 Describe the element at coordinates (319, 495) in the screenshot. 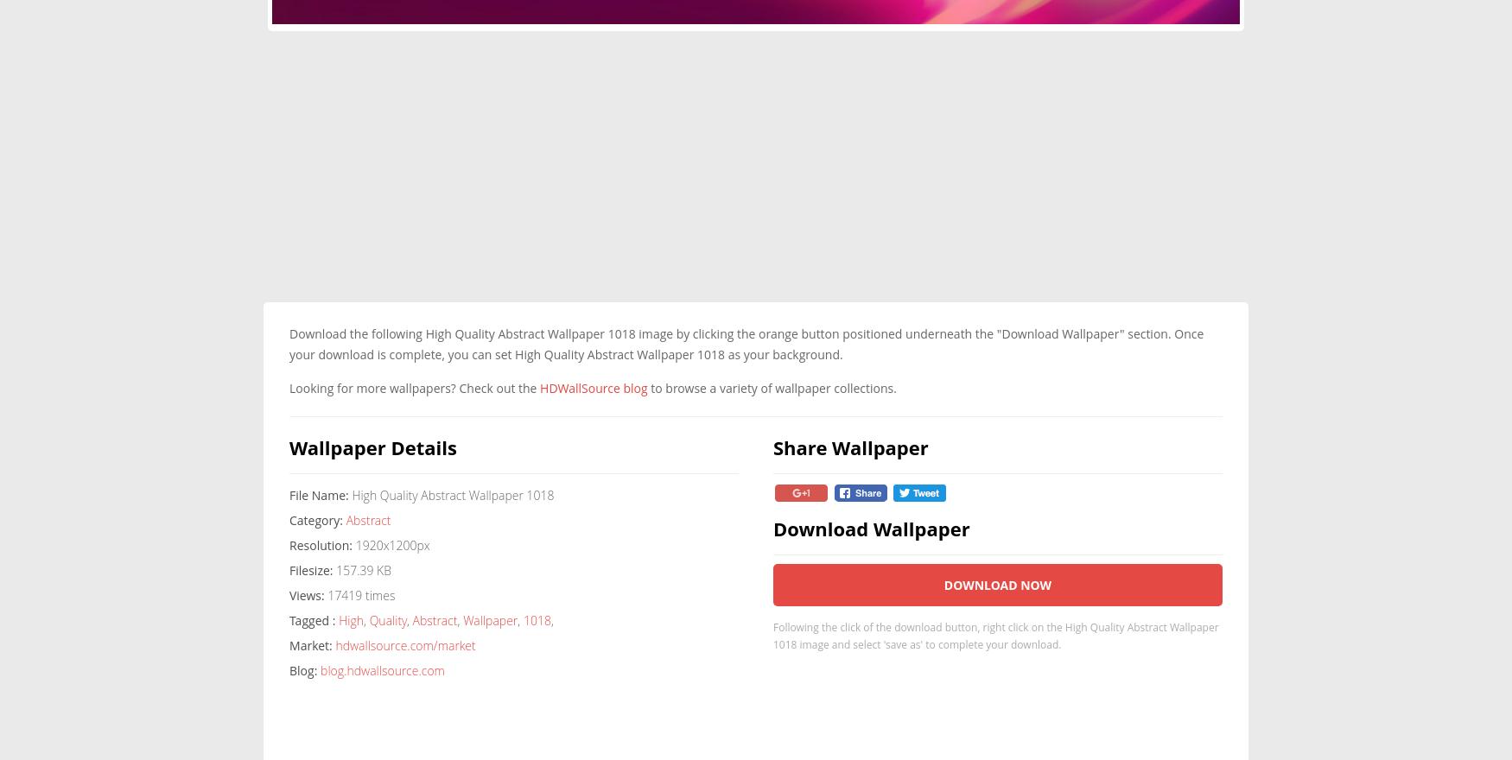

I see `'File Name:'` at that location.